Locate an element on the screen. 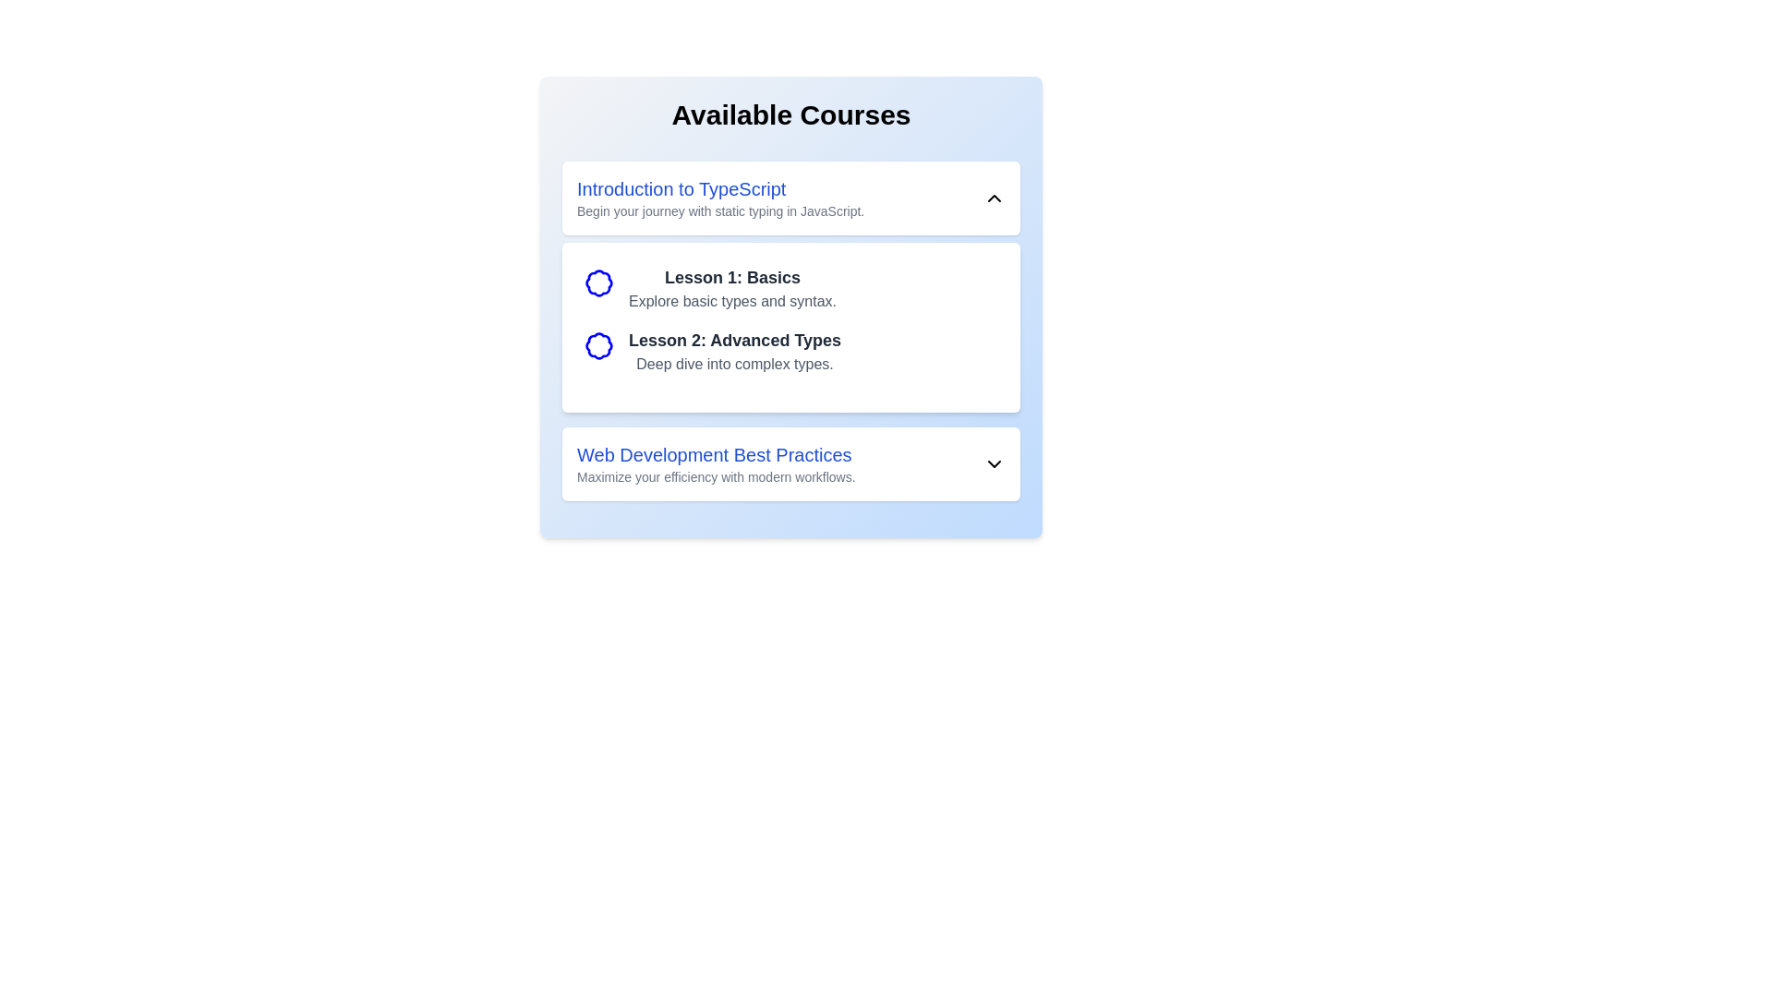 The image size is (1773, 997). the text label that reads 'Deep dive into complex types.' styled with a gray font beneath the main title 'Lesson 2: Advanced Types' in the second card of 'Available Courses' is located at coordinates (734, 364).